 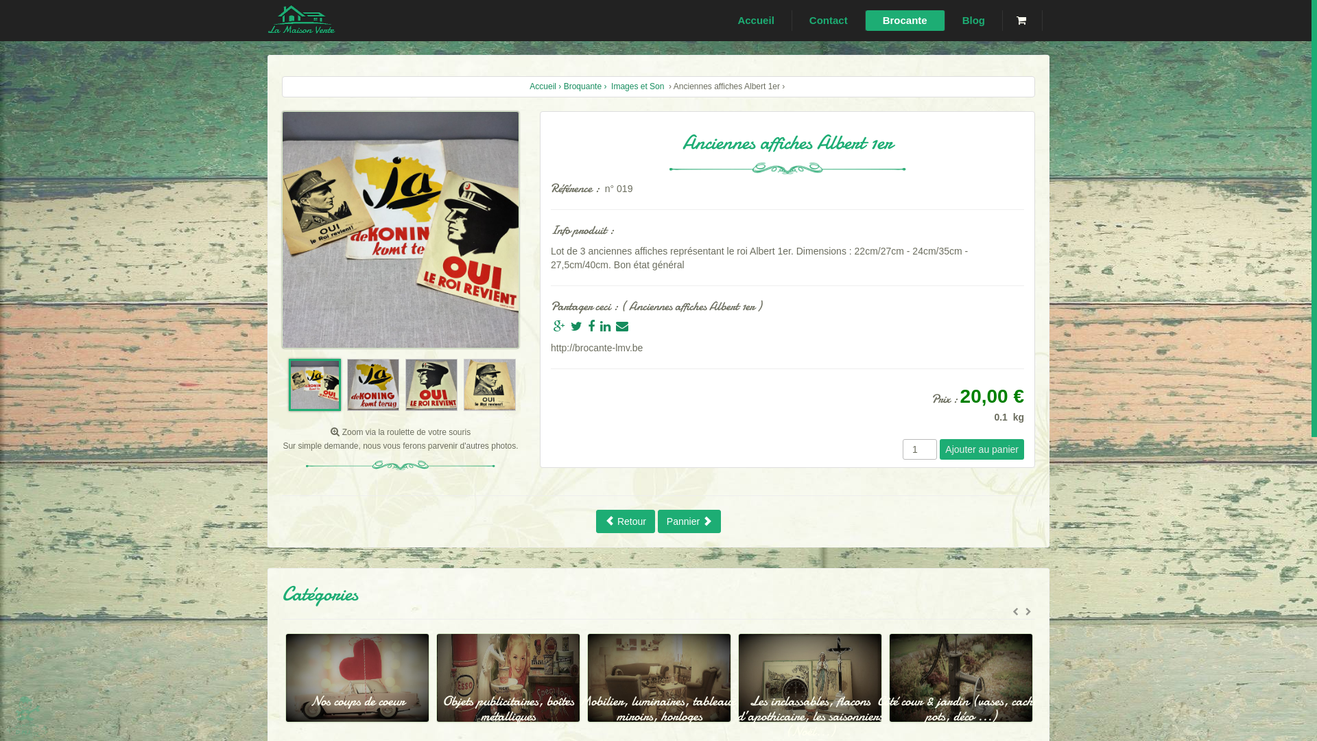 What do you see at coordinates (559, 327) in the screenshot?
I see `'Partager sur Google +'` at bounding box center [559, 327].